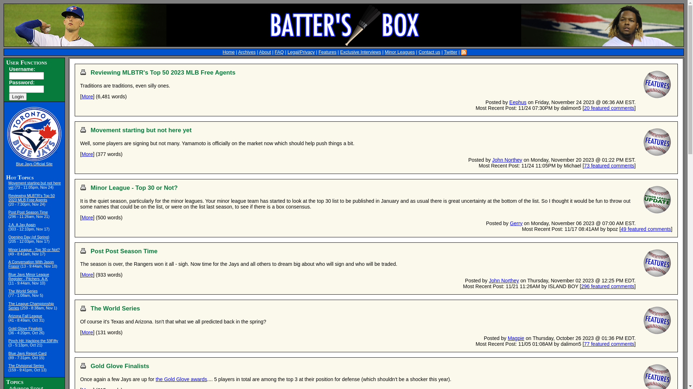 The height and width of the screenshot is (389, 693). What do you see at coordinates (507, 159) in the screenshot?
I see `'John Northey'` at bounding box center [507, 159].